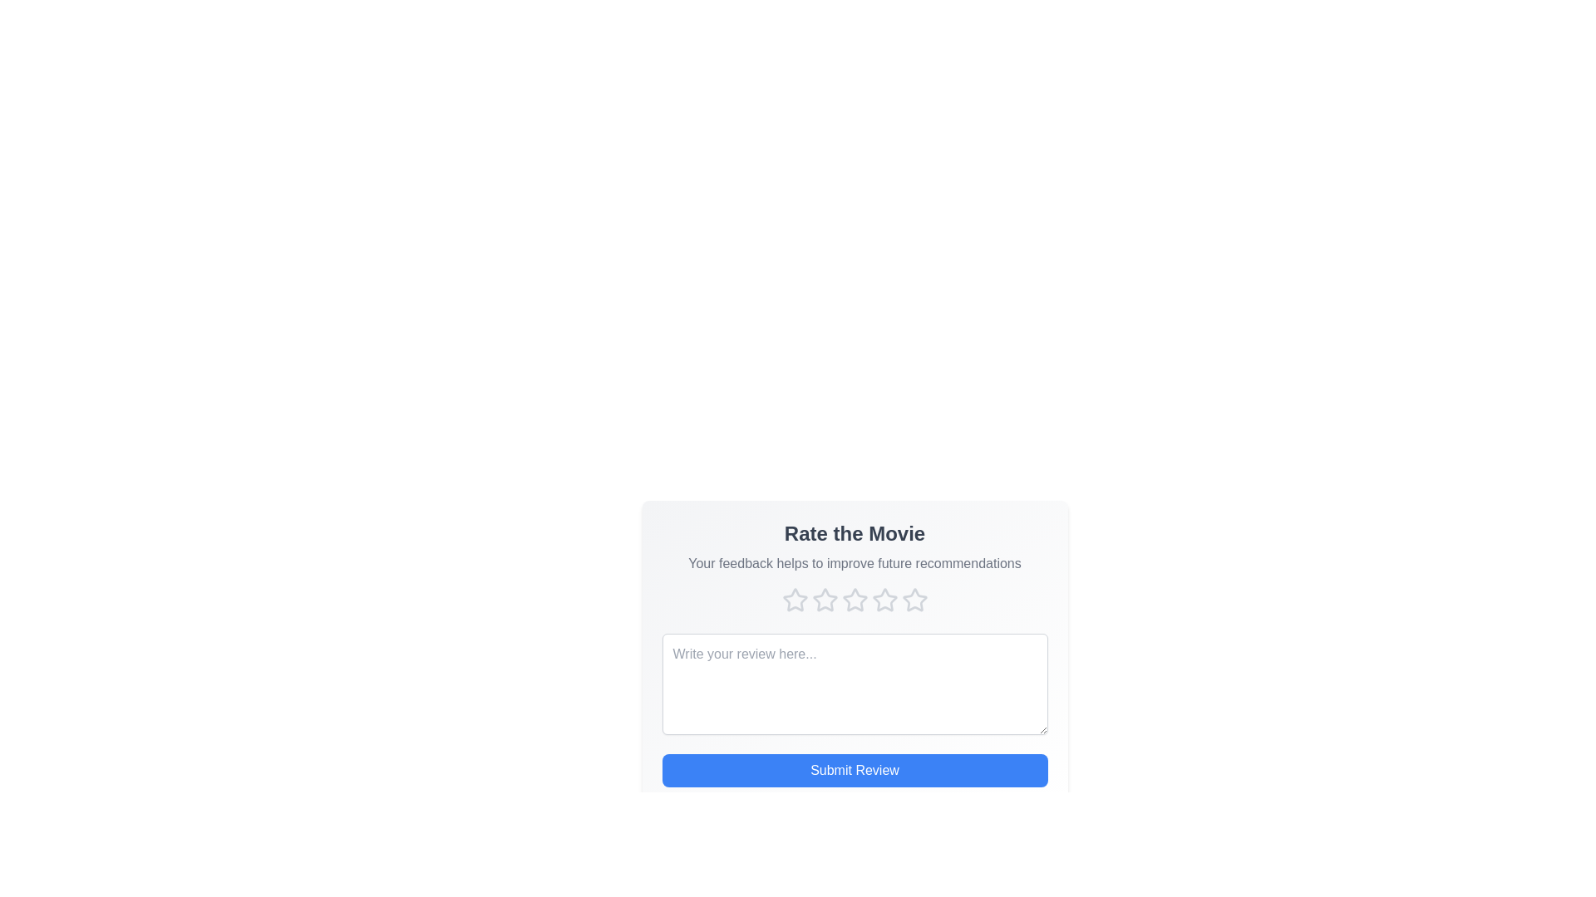 The height and width of the screenshot is (897, 1596). I want to click on the 'Submit Review' button, which has a blue background and white text, located at the bottom of the 'Rate the Movie' card, so click(855, 771).